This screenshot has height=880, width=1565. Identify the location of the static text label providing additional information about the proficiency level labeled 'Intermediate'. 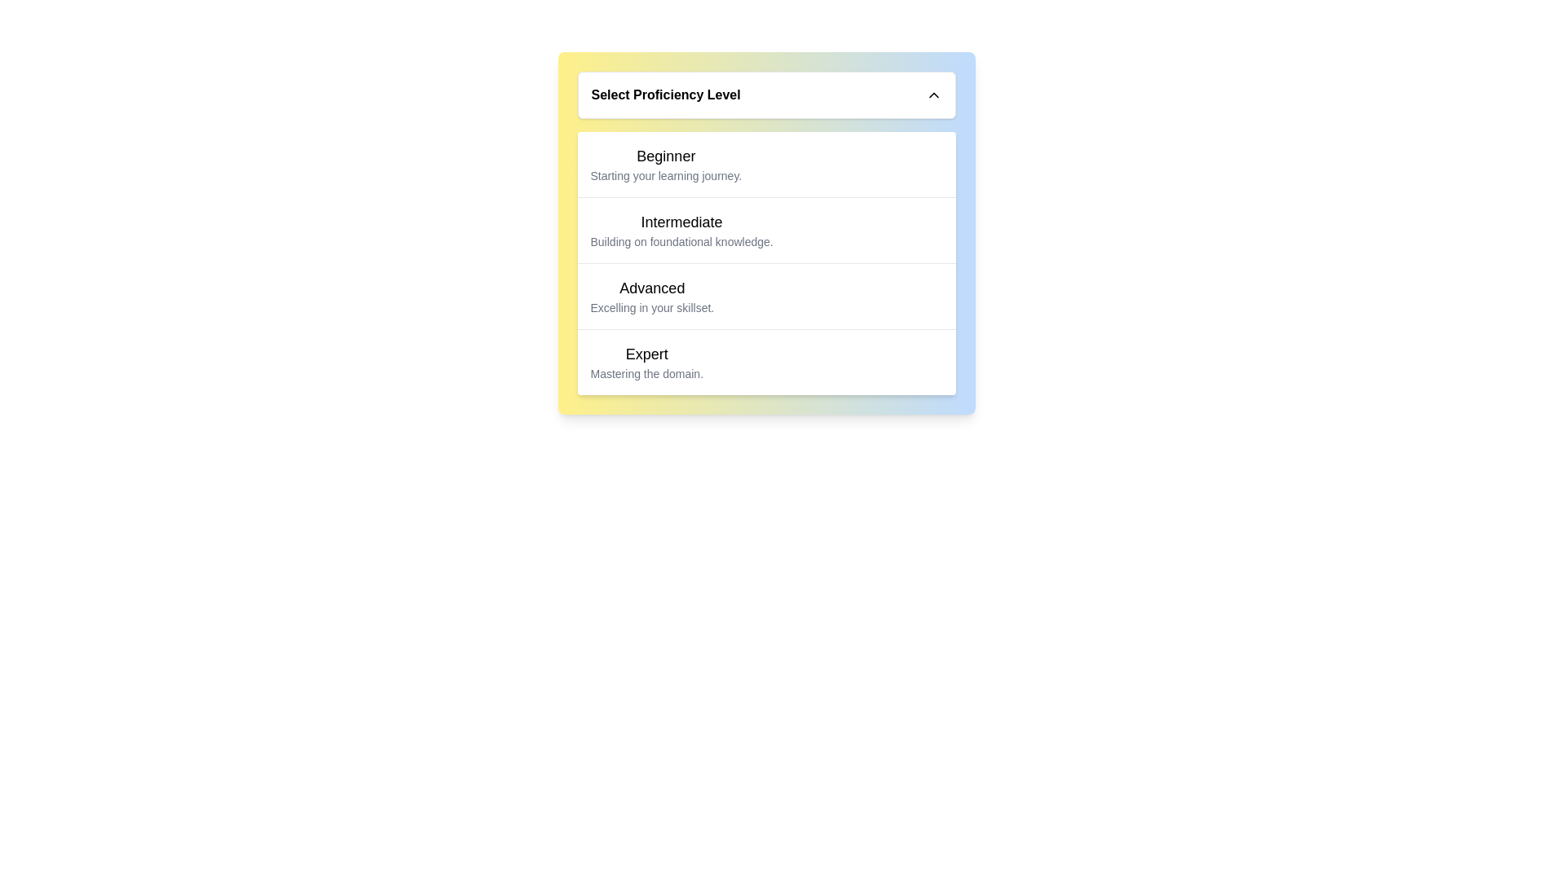
(681, 242).